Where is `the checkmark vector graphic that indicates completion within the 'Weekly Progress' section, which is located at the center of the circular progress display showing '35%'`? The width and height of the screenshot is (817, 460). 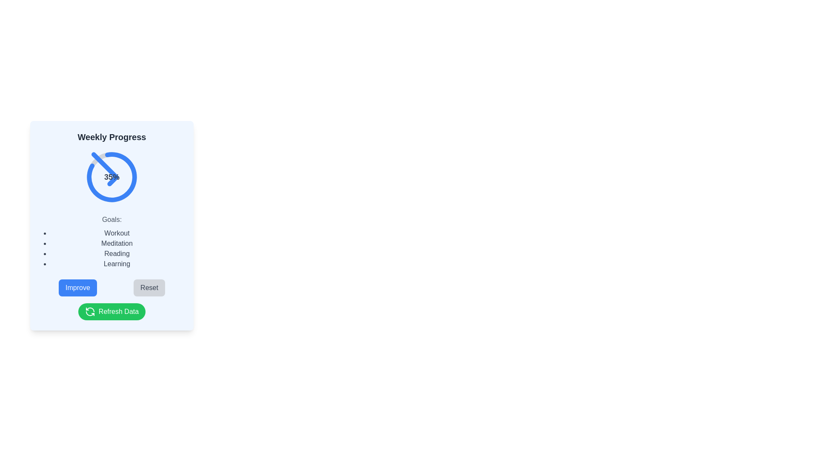 the checkmark vector graphic that indicates completion within the 'Weekly Progress' section, which is located at the center of the circular progress display showing '35%' is located at coordinates (104, 169).